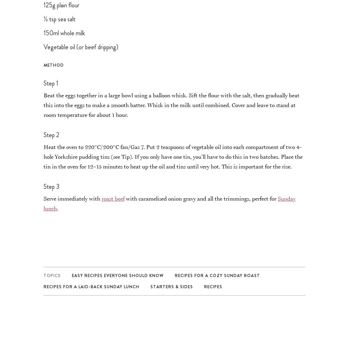 This screenshot has height=343, width=349. I want to click on '.', so click(58, 208).